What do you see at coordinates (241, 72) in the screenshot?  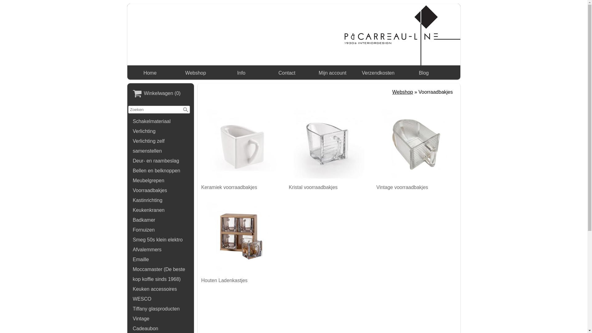 I see `'Info'` at bounding box center [241, 72].